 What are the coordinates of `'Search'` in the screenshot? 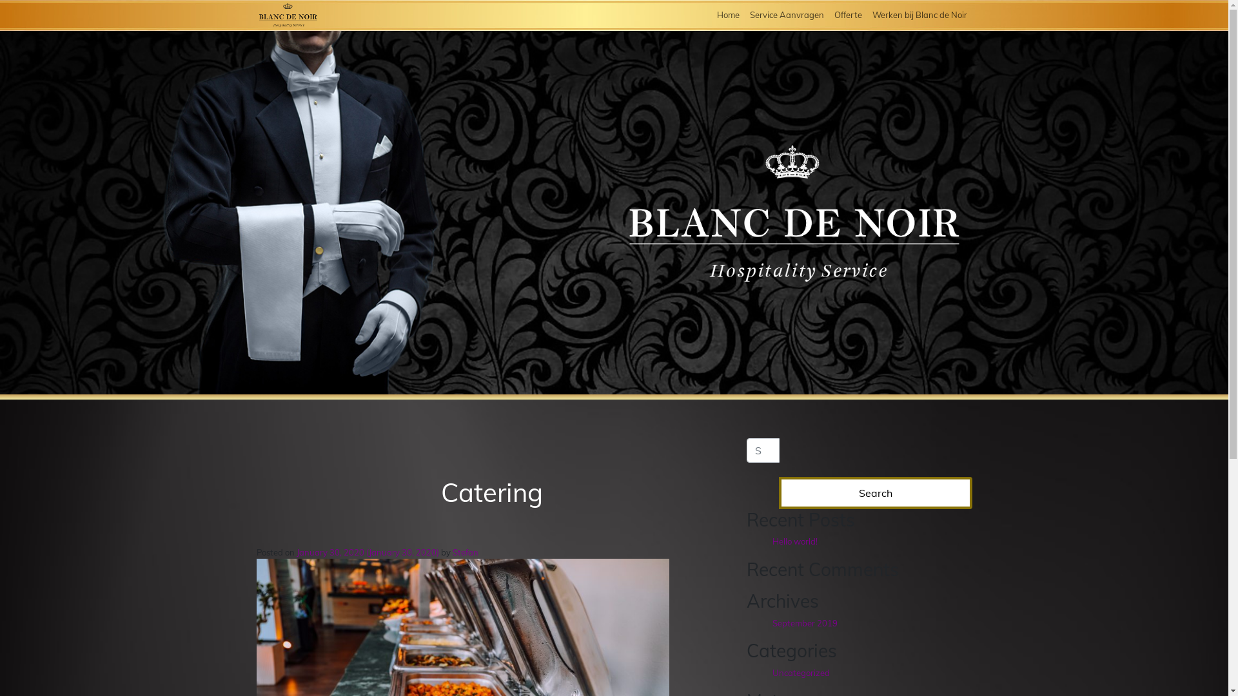 It's located at (876, 492).